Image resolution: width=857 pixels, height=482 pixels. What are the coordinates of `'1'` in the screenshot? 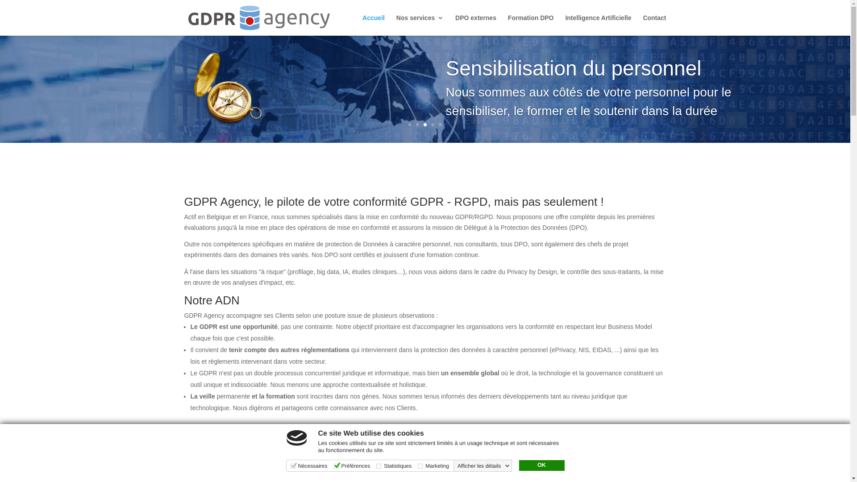 It's located at (409, 125).